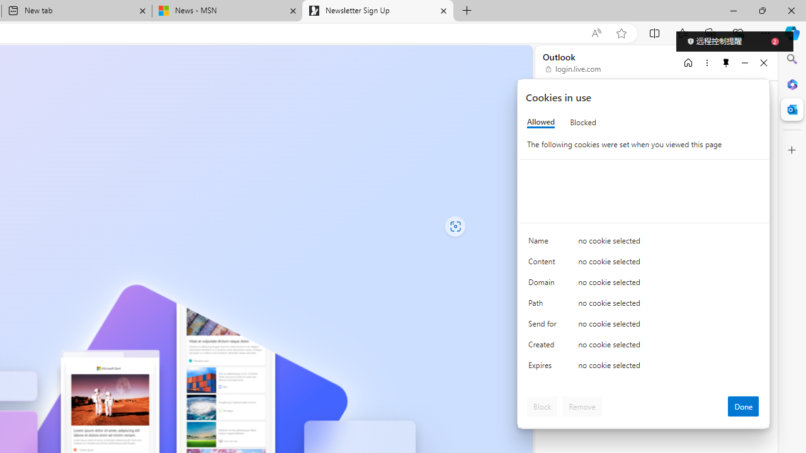 The height and width of the screenshot is (453, 806). What do you see at coordinates (581, 406) in the screenshot?
I see `'Remove'` at bounding box center [581, 406].